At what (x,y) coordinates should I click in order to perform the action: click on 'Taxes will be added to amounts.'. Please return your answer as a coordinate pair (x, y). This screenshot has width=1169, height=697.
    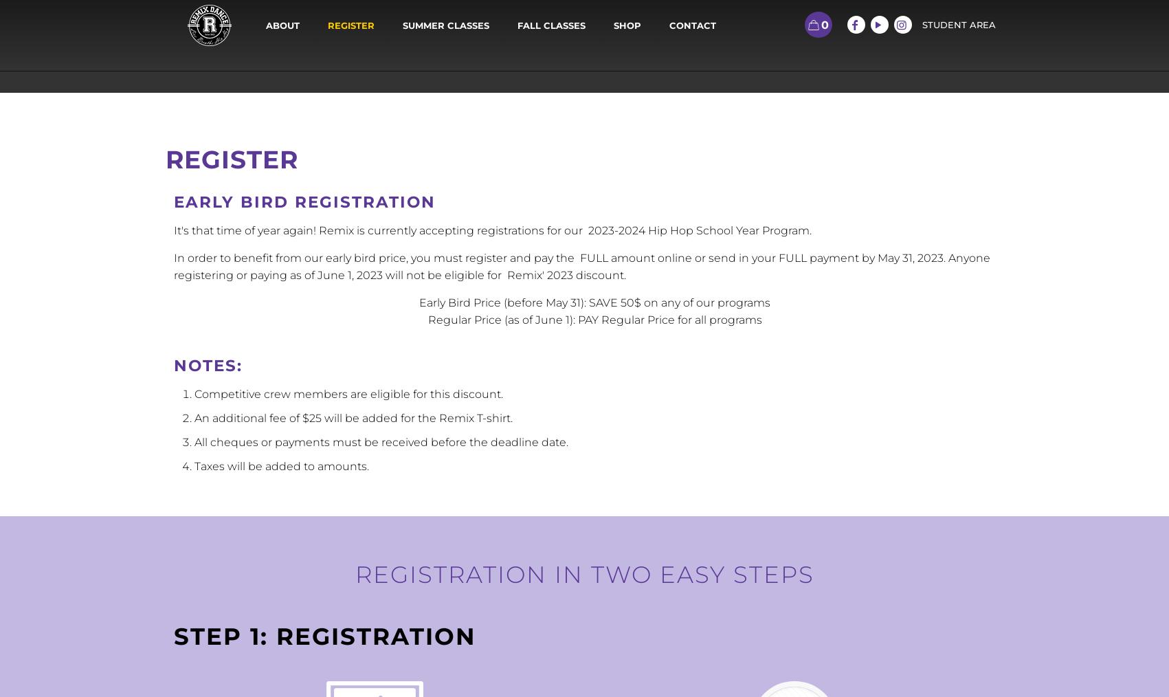
    Looking at the image, I should click on (280, 465).